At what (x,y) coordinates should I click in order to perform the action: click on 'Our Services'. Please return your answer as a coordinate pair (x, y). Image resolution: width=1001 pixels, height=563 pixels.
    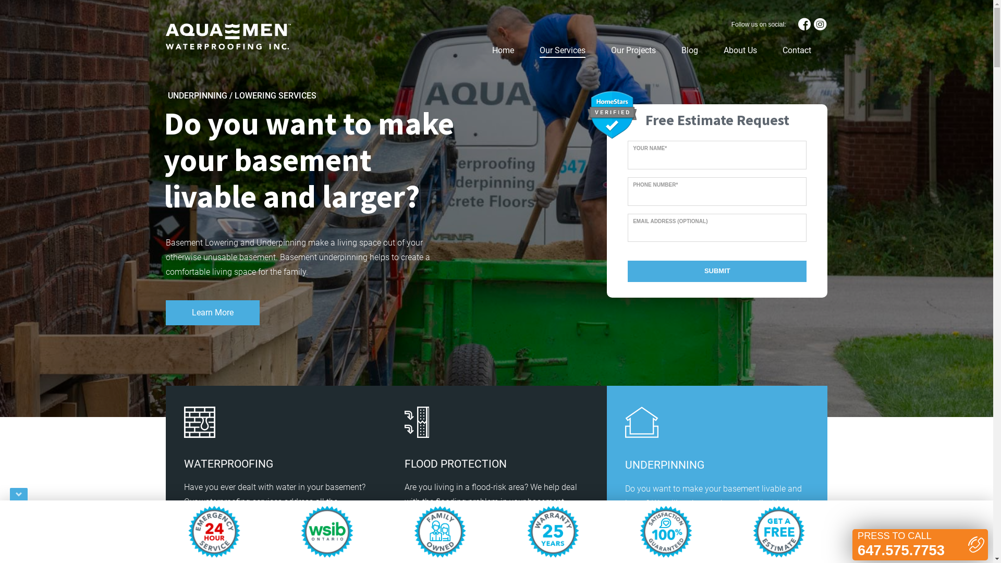
    Looking at the image, I should click on (533, 50).